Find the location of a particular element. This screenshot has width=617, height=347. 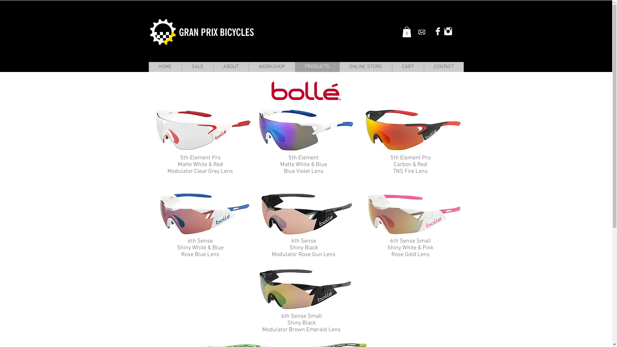

'0' is located at coordinates (402, 32).